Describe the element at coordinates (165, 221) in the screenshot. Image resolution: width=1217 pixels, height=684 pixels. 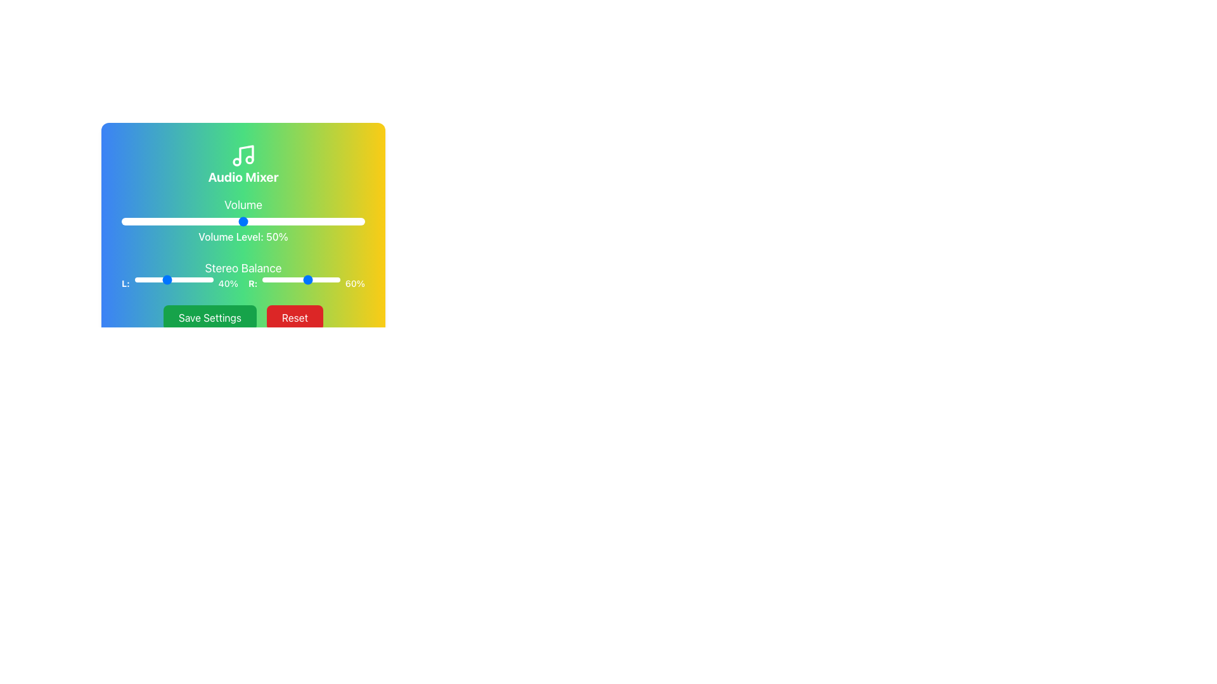
I see `the volume` at that location.